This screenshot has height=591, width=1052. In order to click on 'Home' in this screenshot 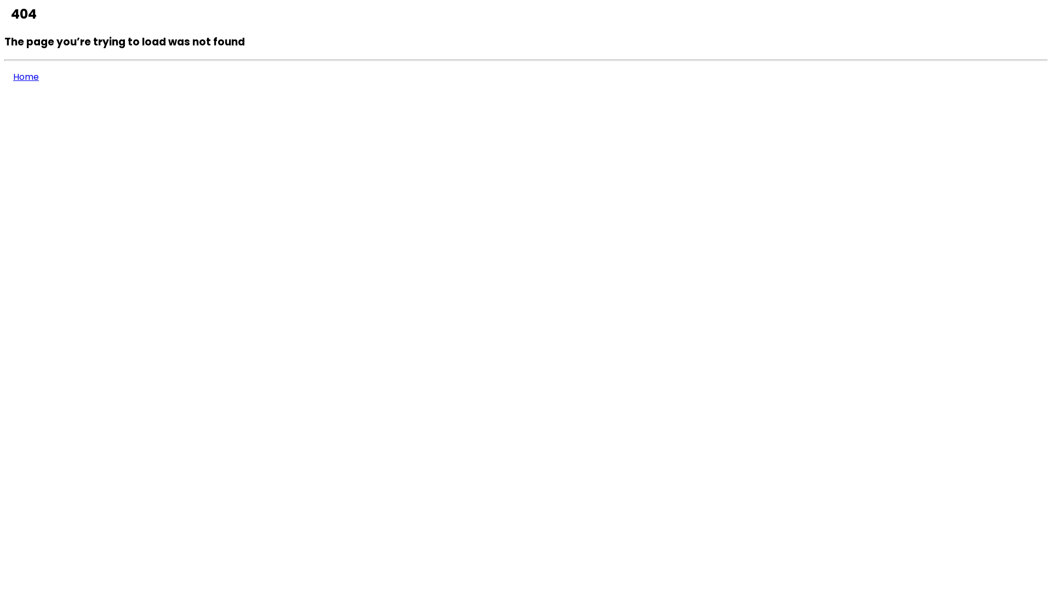, I will do `click(26, 76)`.